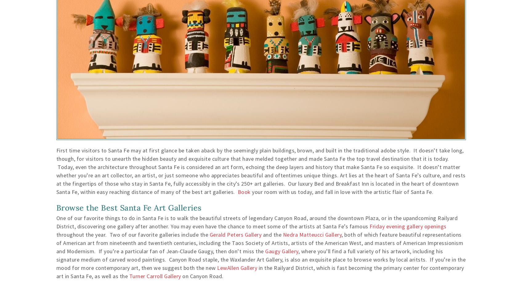 The width and height of the screenshot is (522, 284). Describe the element at coordinates (408, 226) in the screenshot. I see `'Friday evening gallery openings'` at that location.